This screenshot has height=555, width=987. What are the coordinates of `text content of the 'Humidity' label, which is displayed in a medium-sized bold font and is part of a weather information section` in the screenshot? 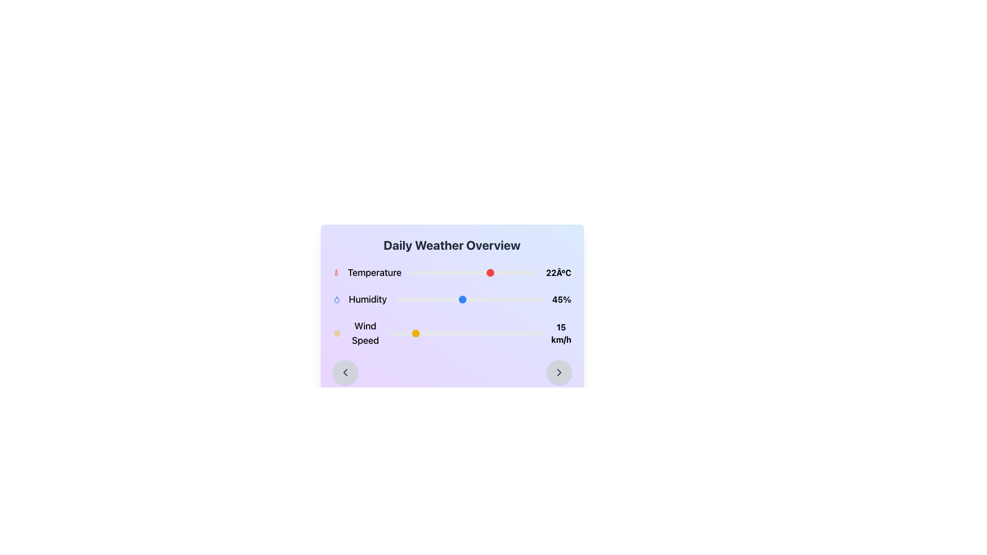 It's located at (368, 299).